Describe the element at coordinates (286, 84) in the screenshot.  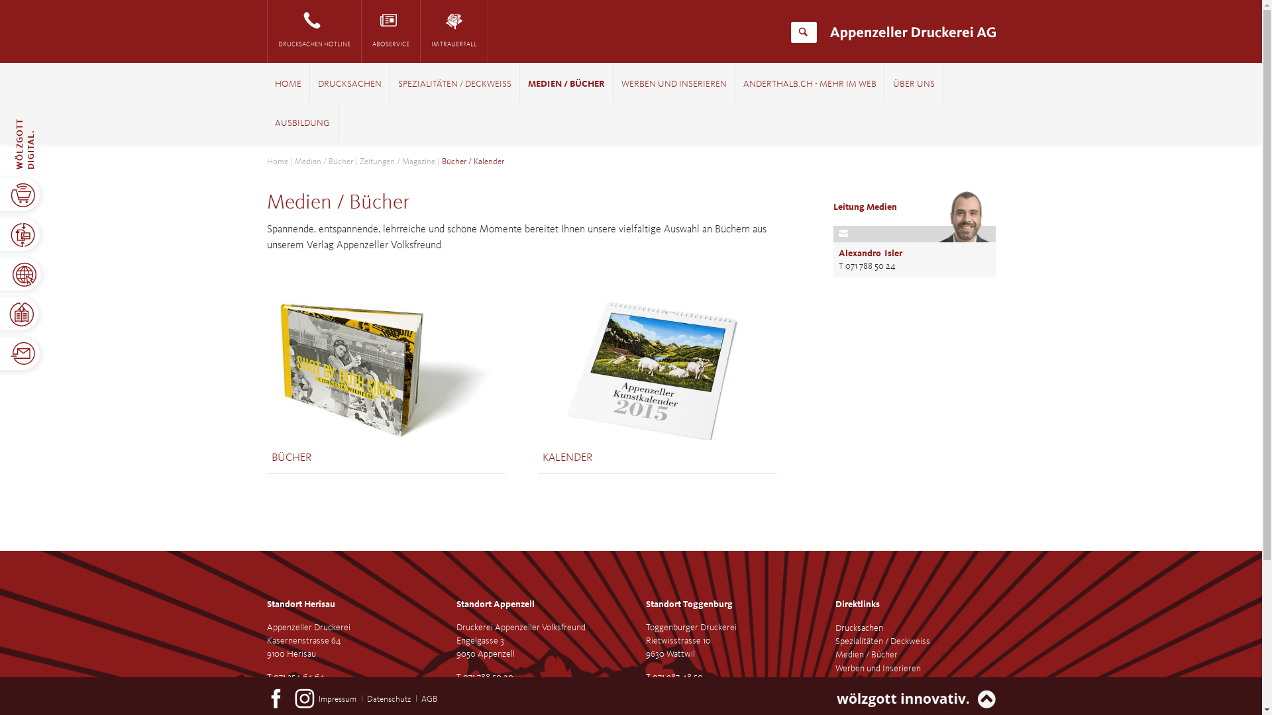
I see `'HOME'` at that location.